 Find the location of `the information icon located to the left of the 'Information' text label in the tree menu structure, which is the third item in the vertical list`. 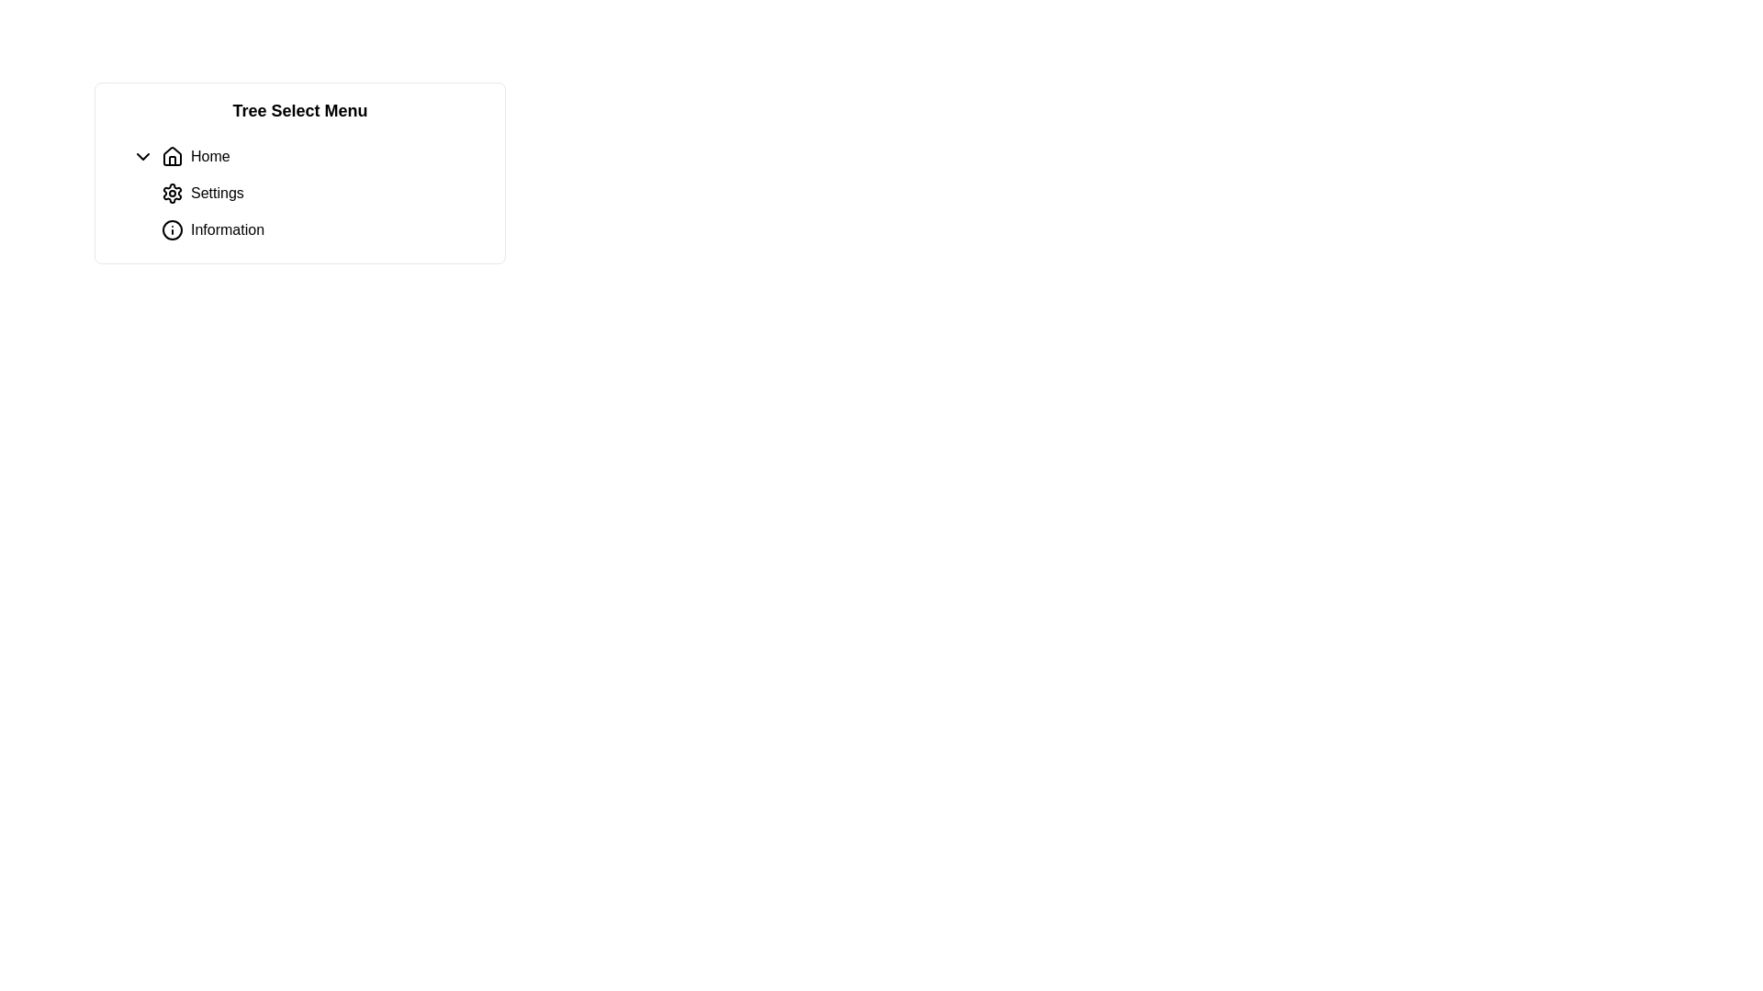

the information icon located to the left of the 'Information' text label in the tree menu structure, which is the third item in the vertical list is located at coordinates (172, 228).